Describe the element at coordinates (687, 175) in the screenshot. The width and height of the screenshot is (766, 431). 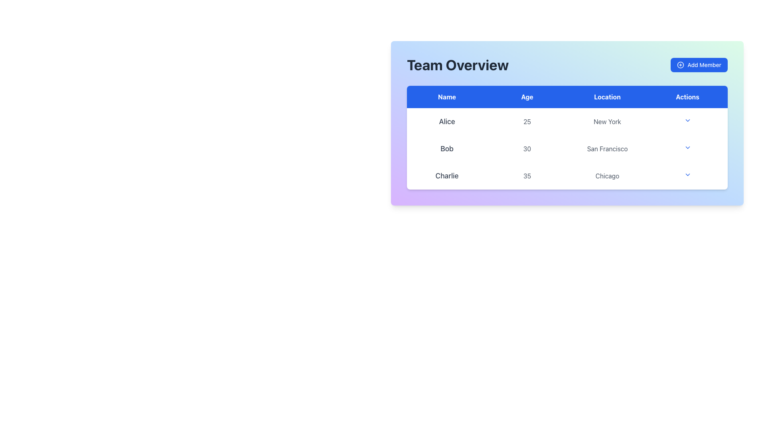
I see `the downward arrow icon located in the 'Actions' cell of the row for 'Charlie'` at that location.